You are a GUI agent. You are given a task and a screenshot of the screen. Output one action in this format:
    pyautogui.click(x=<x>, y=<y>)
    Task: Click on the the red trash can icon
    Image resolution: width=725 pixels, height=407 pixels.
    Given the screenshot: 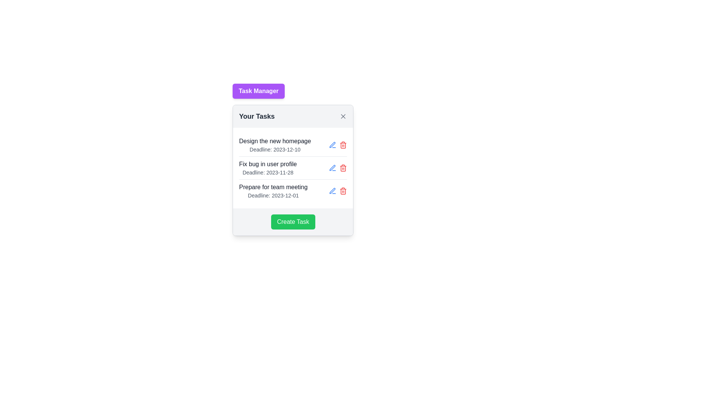 What is the action you would take?
    pyautogui.click(x=338, y=190)
    